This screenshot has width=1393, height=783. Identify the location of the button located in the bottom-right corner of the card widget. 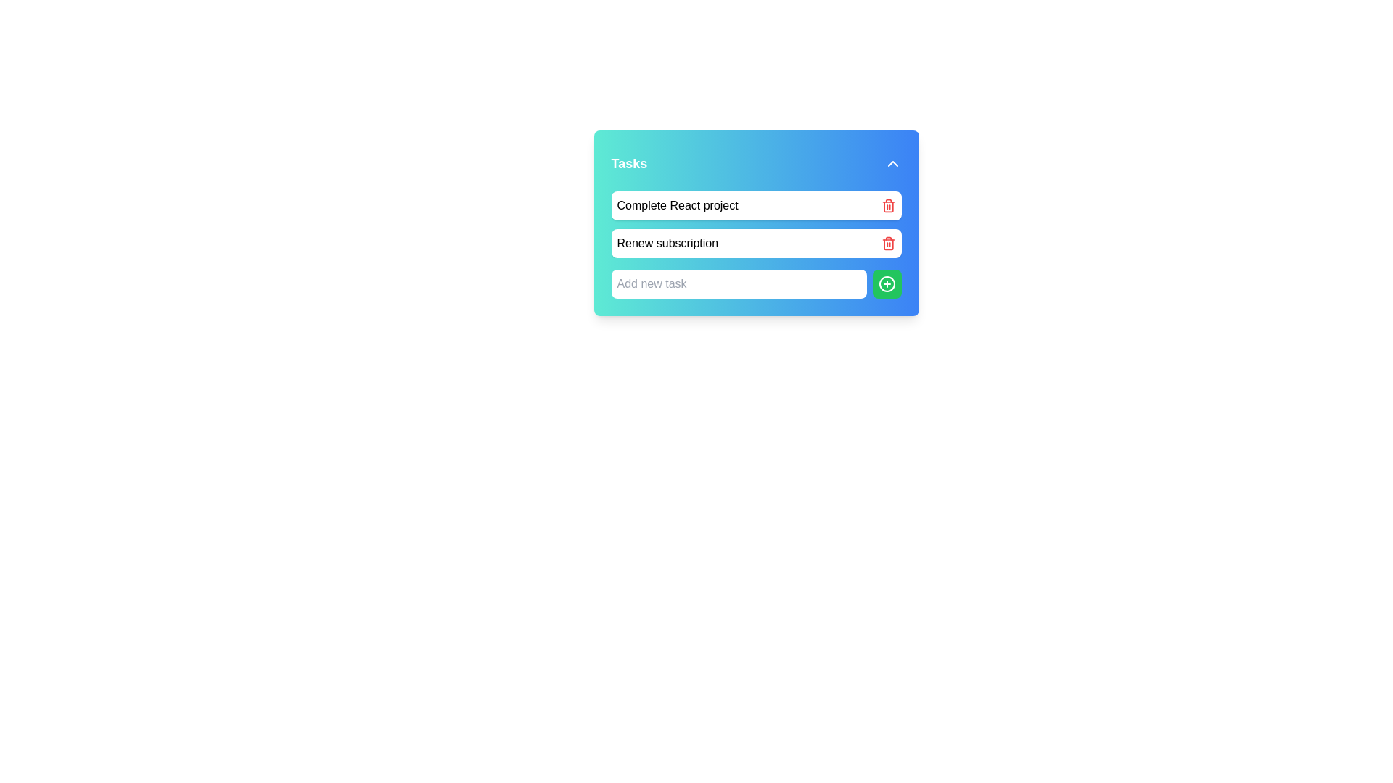
(886, 284).